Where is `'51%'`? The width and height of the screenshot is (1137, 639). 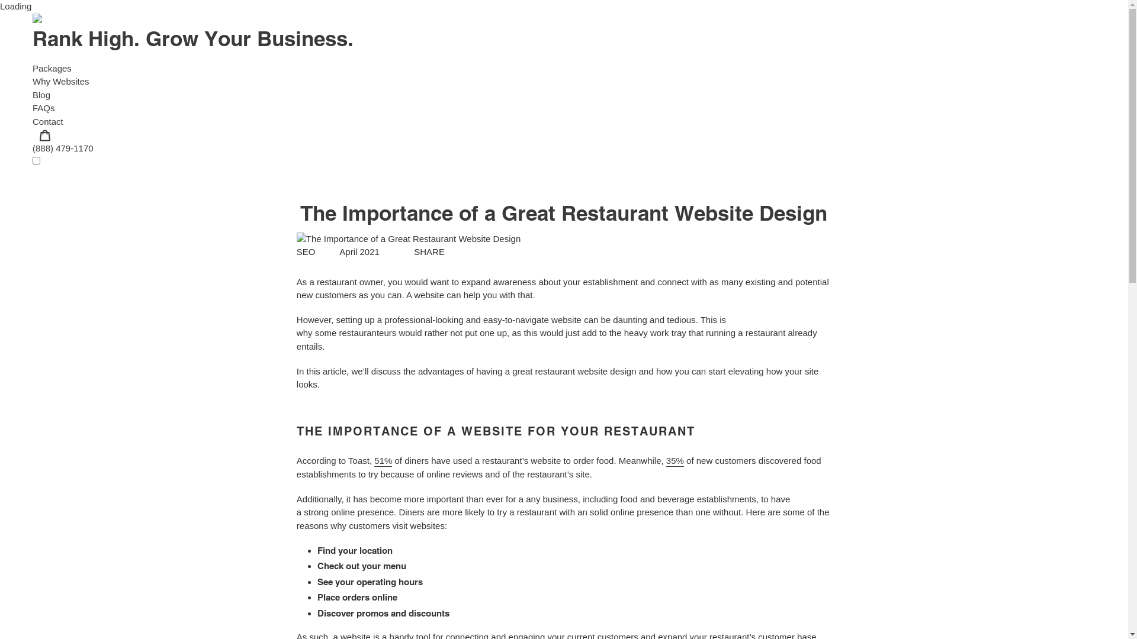 '51%' is located at coordinates (383, 460).